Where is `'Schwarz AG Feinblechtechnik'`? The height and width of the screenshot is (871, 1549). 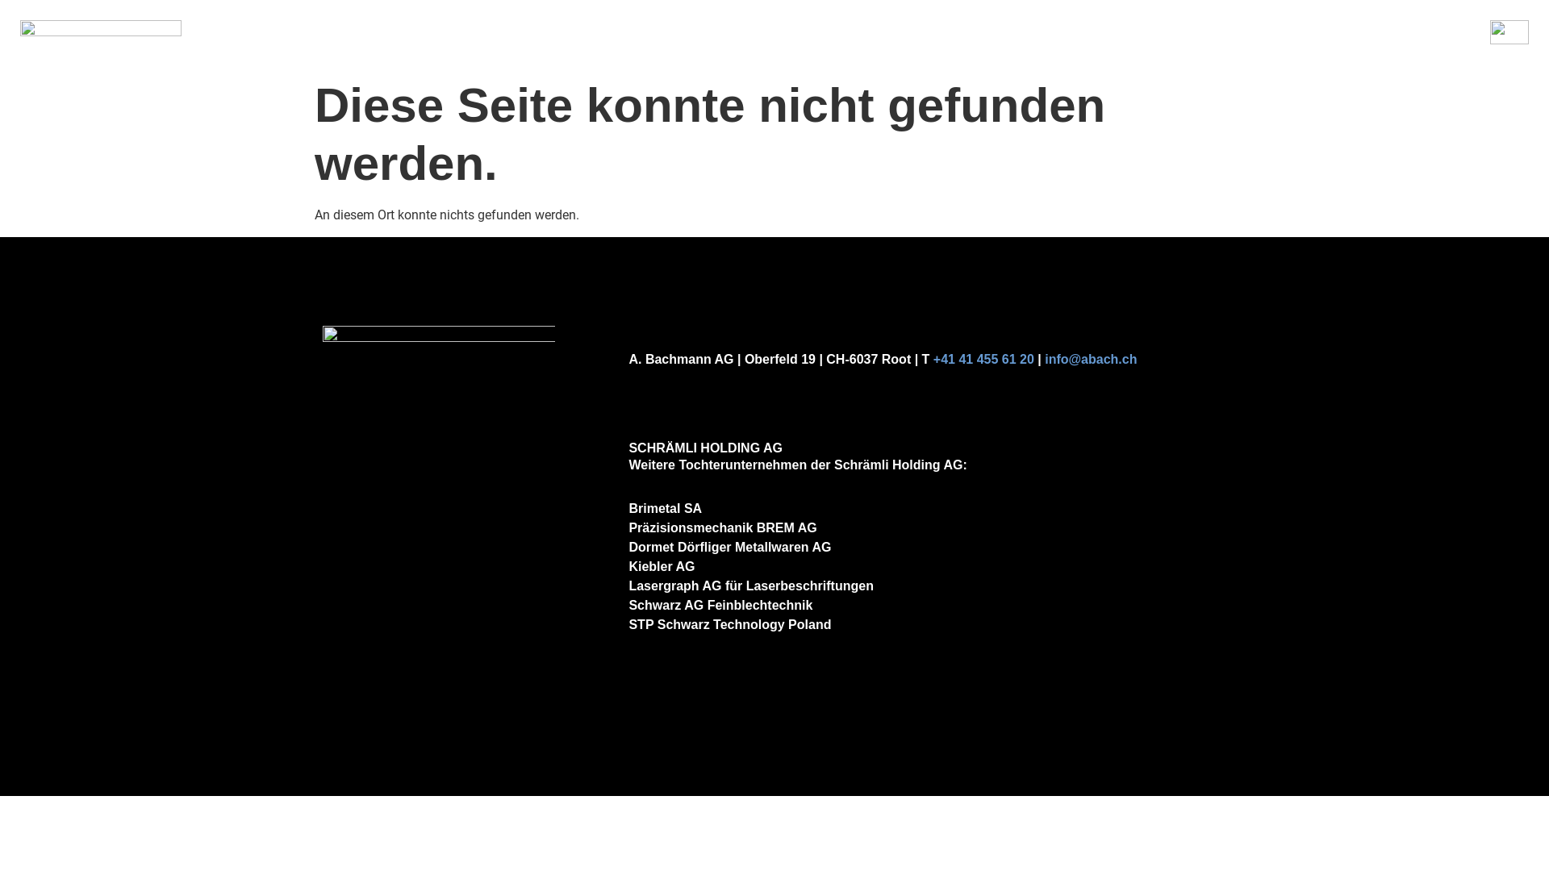
'Schwarz AG Feinblechtechnik' is located at coordinates (719, 605).